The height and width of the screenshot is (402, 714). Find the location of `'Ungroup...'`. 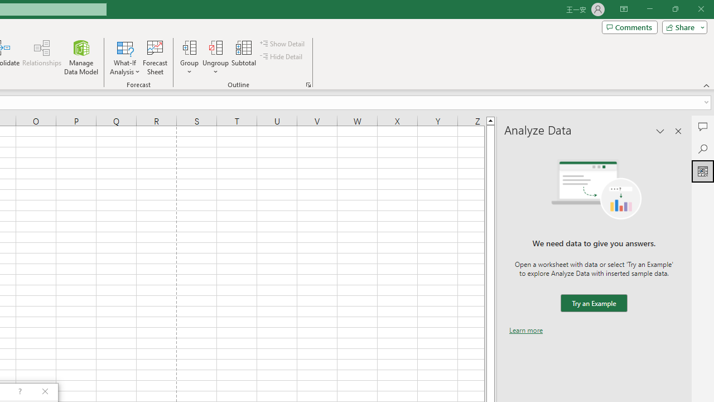

'Ungroup...' is located at coordinates (216, 47).